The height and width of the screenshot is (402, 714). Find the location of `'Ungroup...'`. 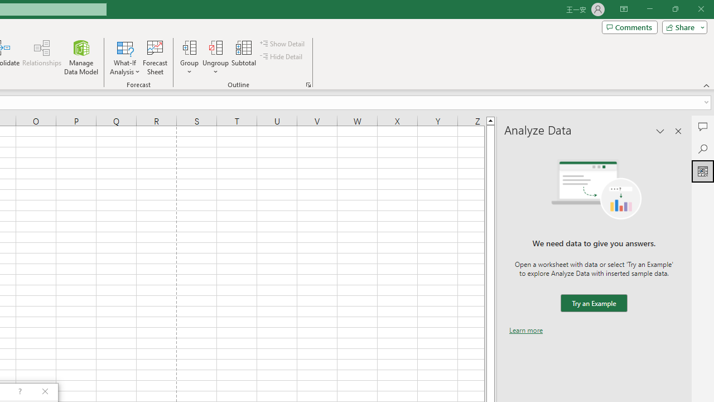

'Ungroup...' is located at coordinates (216, 47).